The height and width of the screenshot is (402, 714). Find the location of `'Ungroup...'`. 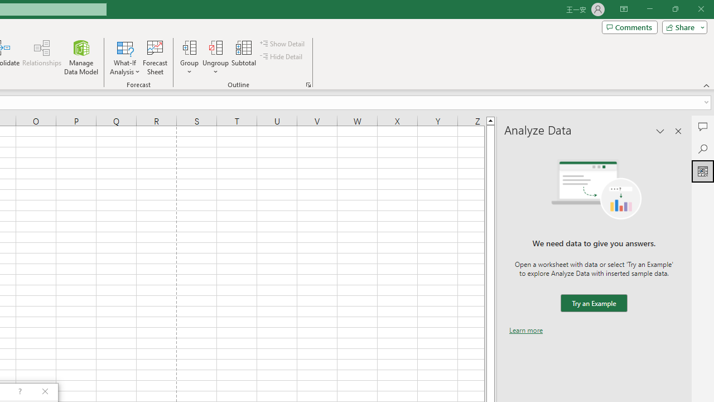

'Ungroup...' is located at coordinates (216, 47).